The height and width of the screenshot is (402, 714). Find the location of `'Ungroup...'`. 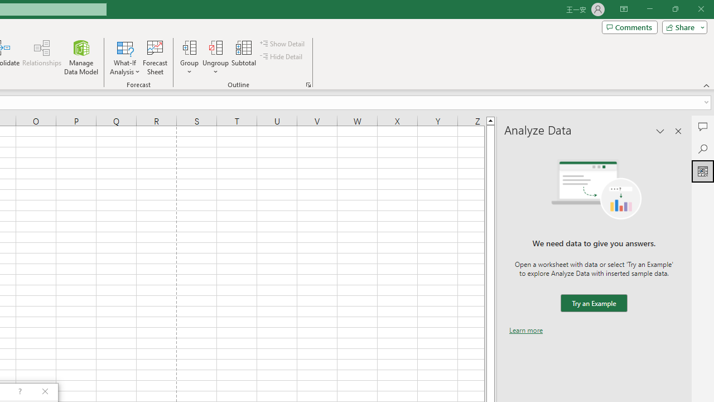

'Ungroup...' is located at coordinates (216, 47).